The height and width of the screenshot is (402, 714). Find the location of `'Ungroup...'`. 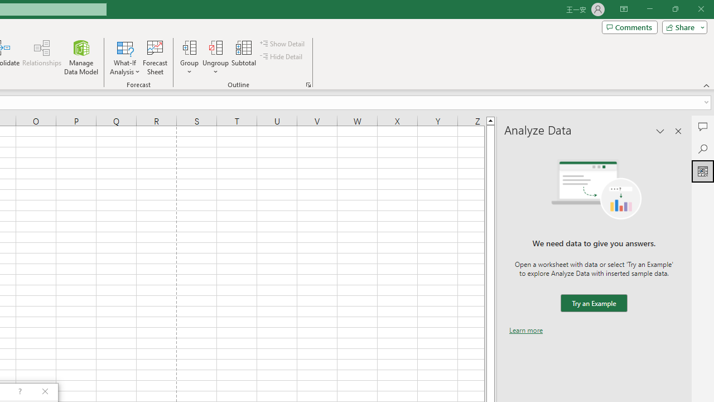

'Ungroup...' is located at coordinates (216, 47).